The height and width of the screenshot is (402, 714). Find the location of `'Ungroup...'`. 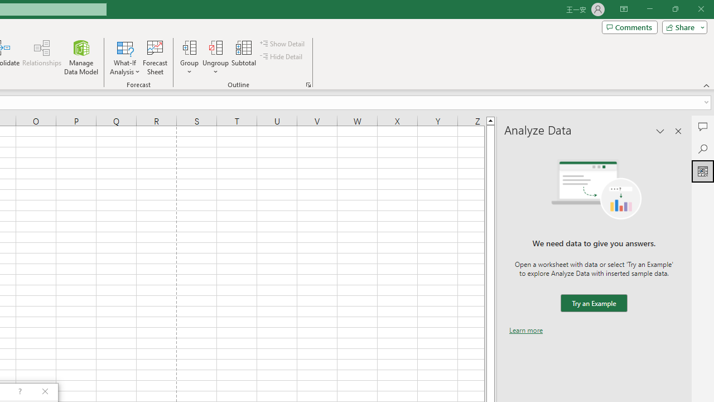

'Ungroup...' is located at coordinates (216, 47).